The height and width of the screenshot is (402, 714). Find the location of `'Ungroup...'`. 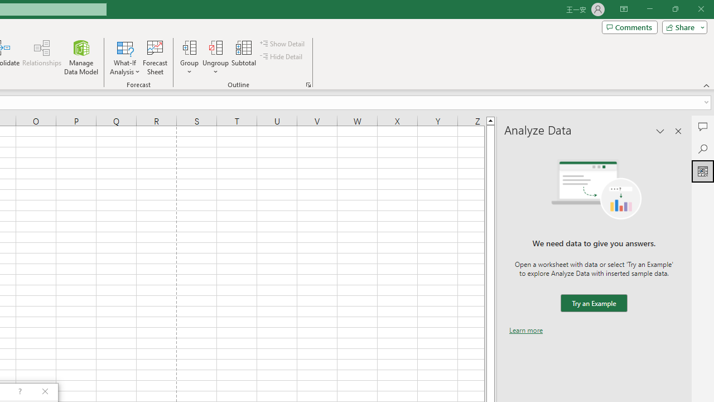

'Ungroup...' is located at coordinates (216, 47).